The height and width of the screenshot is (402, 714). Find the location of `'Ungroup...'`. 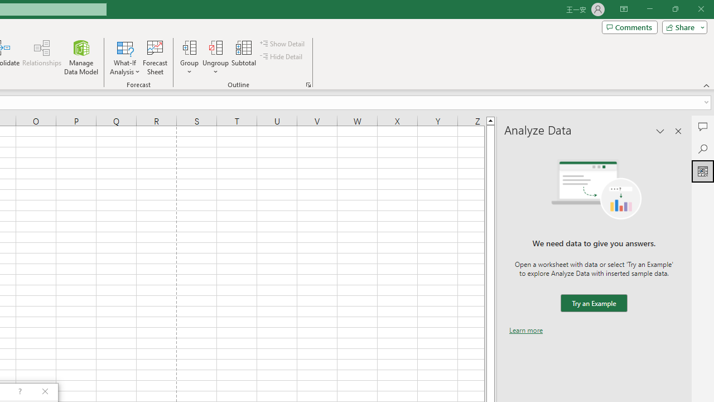

'Ungroup...' is located at coordinates (216, 47).